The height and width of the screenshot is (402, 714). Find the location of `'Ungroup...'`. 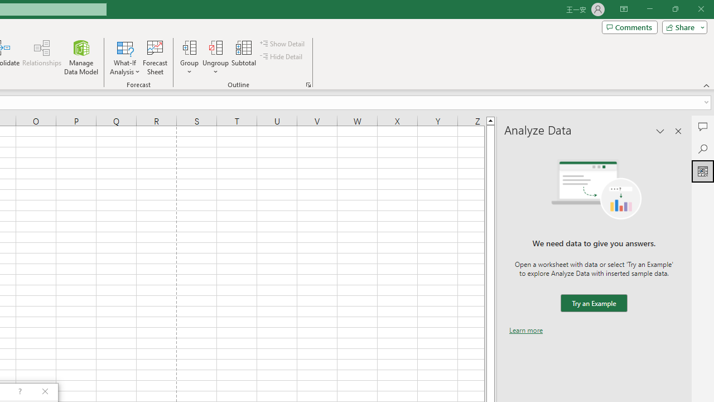

'Ungroup...' is located at coordinates (216, 47).